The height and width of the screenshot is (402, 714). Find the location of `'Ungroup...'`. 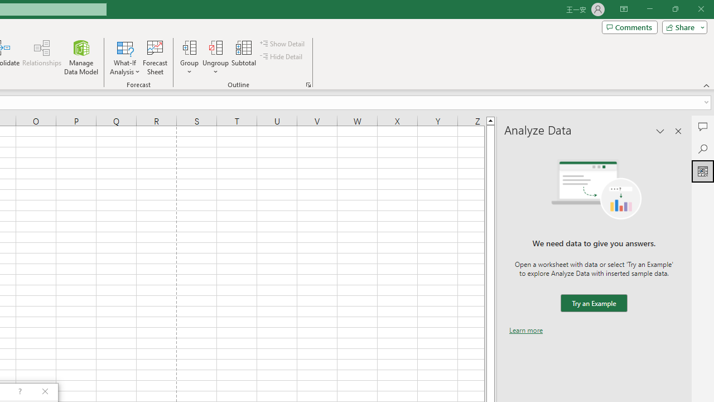

'Ungroup...' is located at coordinates (216, 47).